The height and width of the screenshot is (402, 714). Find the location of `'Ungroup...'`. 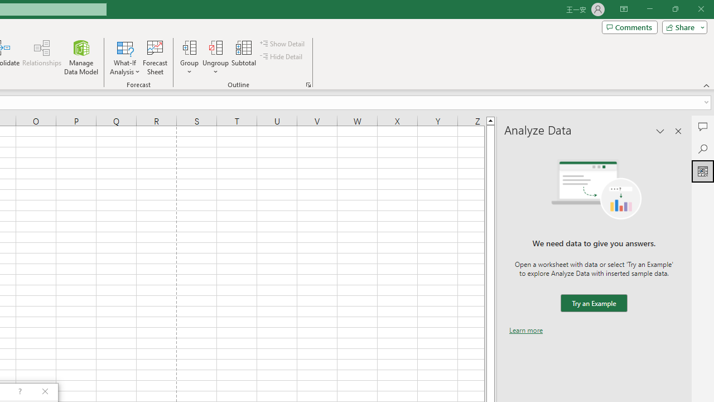

'Ungroup...' is located at coordinates (216, 47).